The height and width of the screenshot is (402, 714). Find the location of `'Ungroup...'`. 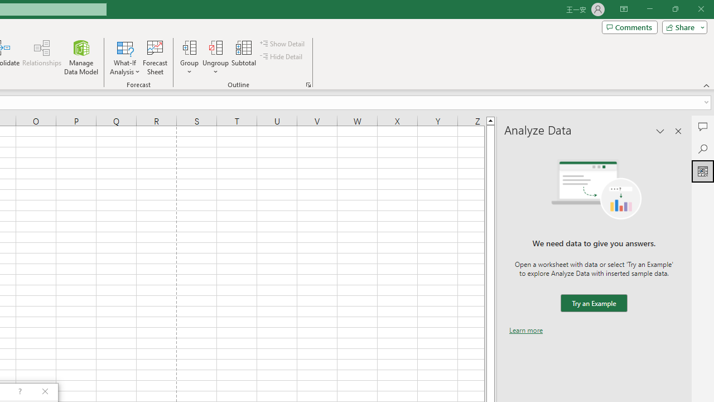

'Ungroup...' is located at coordinates (216, 47).